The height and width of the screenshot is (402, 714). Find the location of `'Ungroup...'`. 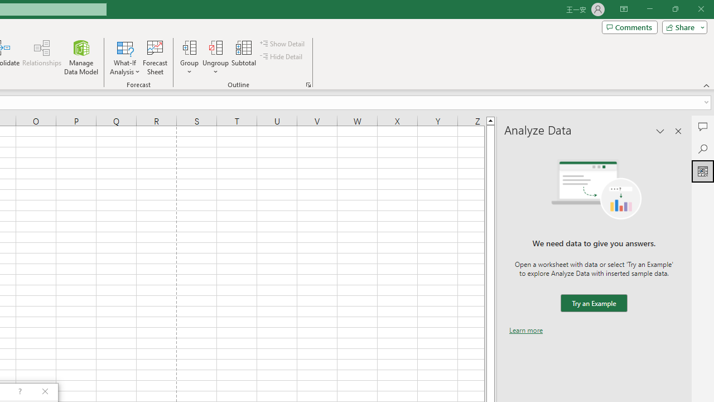

'Ungroup...' is located at coordinates (216, 47).